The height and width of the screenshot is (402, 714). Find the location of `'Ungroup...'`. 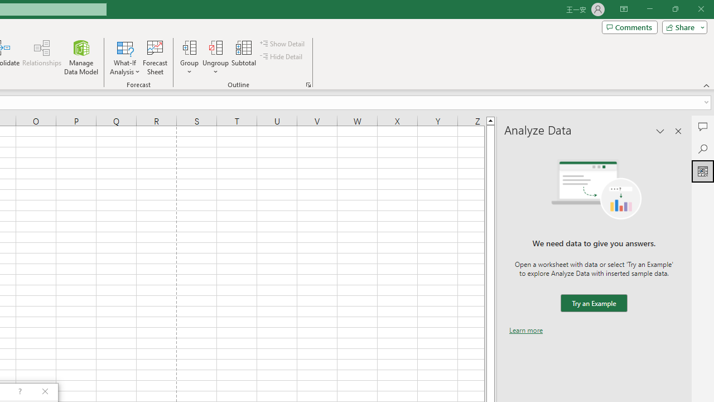

'Ungroup...' is located at coordinates (216, 47).